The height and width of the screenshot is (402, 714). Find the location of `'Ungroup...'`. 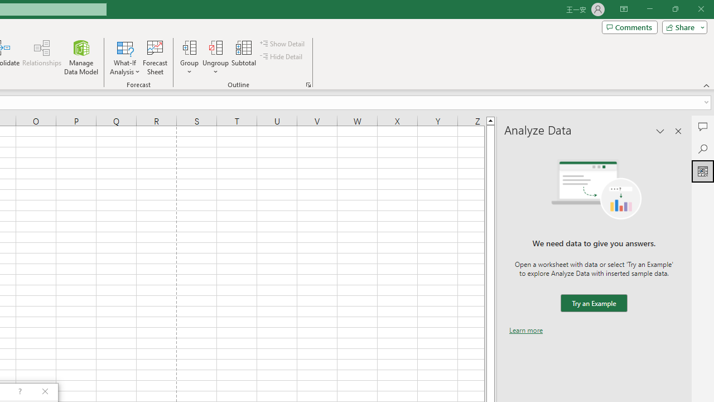

'Ungroup...' is located at coordinates (216, 47).